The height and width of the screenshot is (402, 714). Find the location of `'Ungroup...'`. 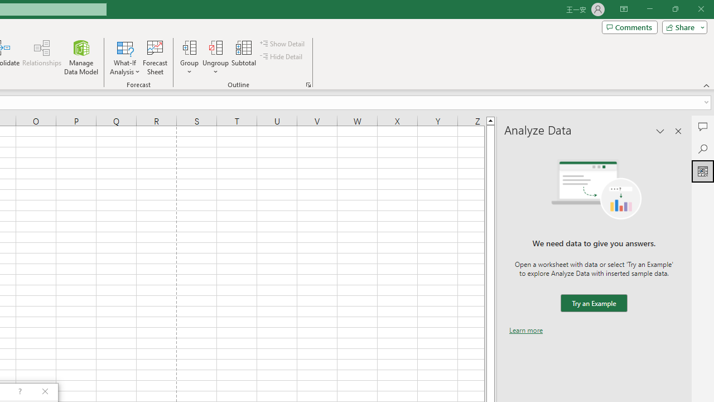

'Ungroup...' is located at coordinates (216, 47).